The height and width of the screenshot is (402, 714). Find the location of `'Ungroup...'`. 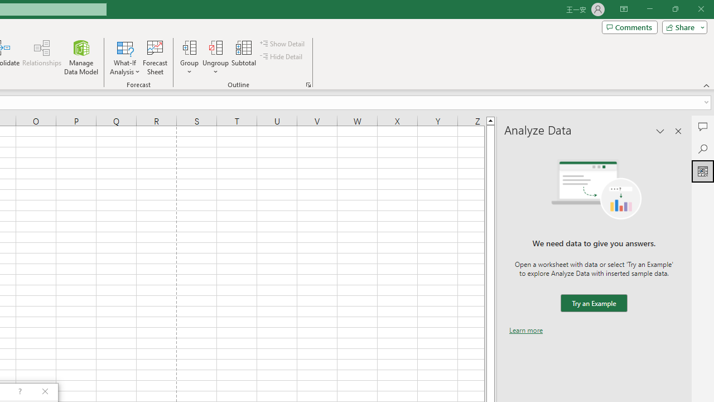

'Ungroup...' is located at coordinates (216, 47).